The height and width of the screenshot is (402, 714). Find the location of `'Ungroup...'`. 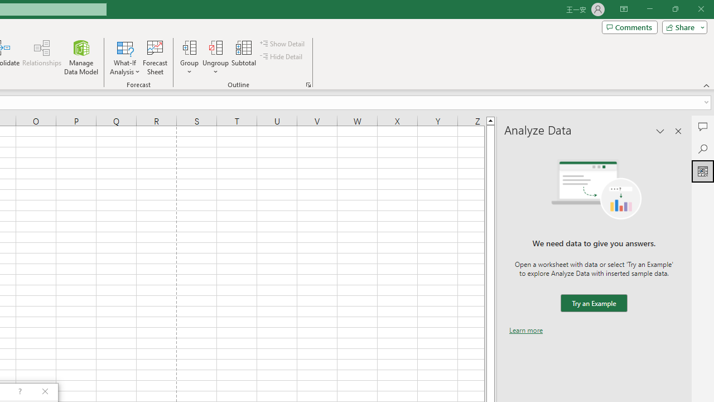

'Ungroup...' is located at coordinates (216, 47).